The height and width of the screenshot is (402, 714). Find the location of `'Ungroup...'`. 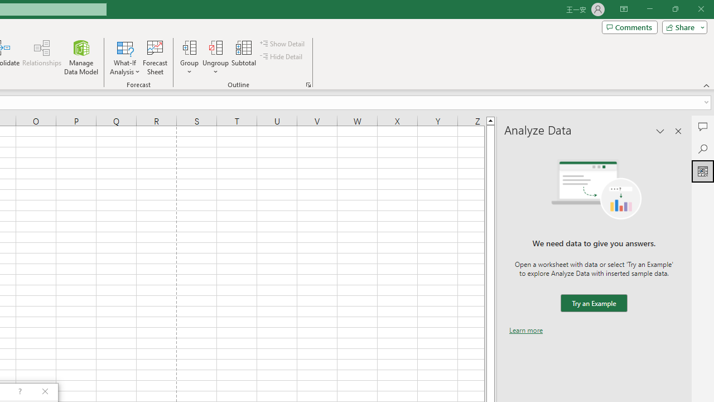

'Ungroup...' is located at coordinates (216, 47).